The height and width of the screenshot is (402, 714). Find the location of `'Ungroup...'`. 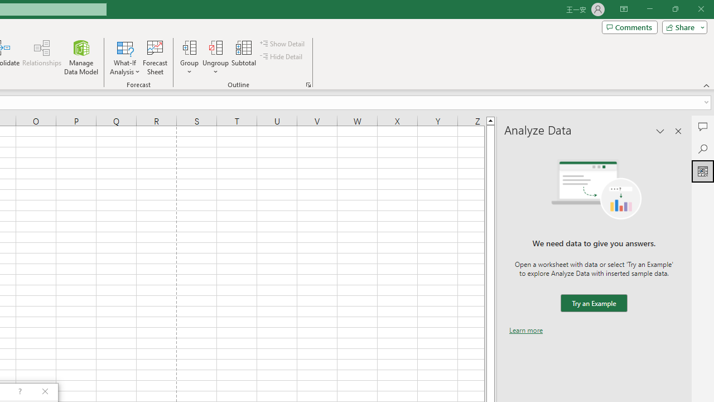

'Ungroup...' is located at coordinates (216, 47).